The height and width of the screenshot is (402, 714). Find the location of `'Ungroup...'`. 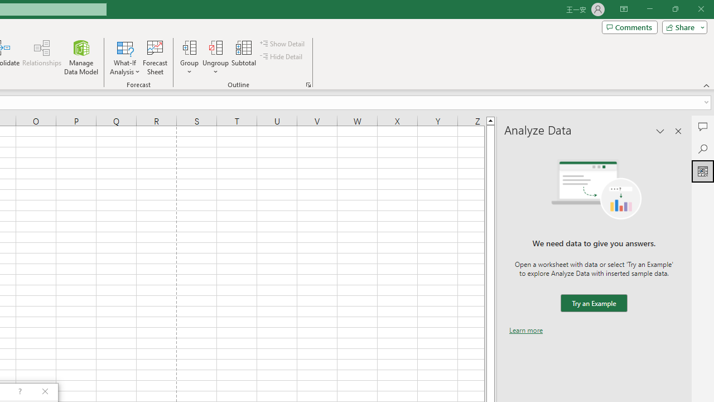

'Ungroup...' is located at coordinates (216, 47).